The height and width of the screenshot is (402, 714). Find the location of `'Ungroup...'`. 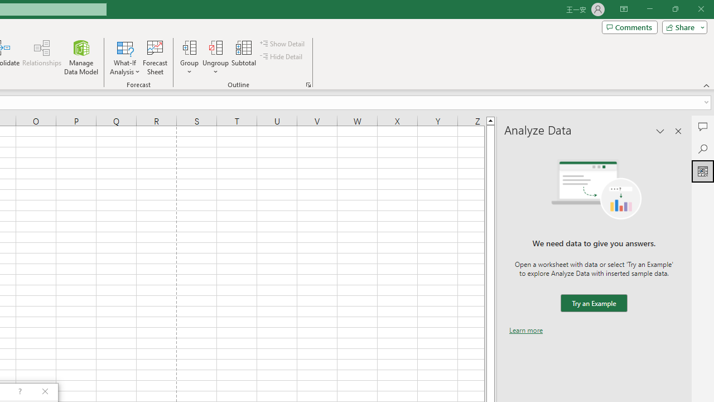

'Ungroup...' is located at coordinates (216, 47).